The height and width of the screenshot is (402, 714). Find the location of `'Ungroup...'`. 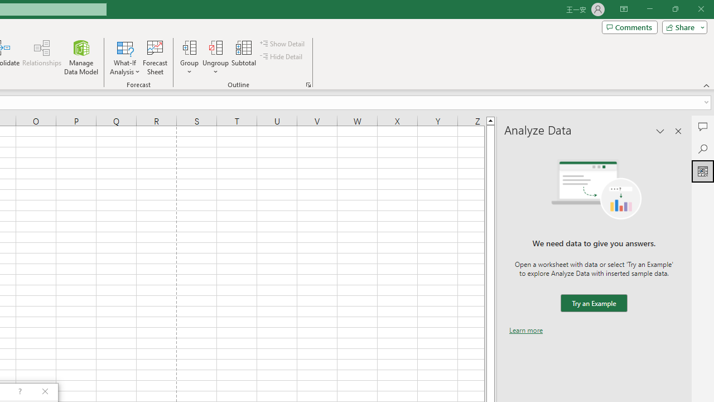

'Ungroup...' is located at coordinates (216, 47).